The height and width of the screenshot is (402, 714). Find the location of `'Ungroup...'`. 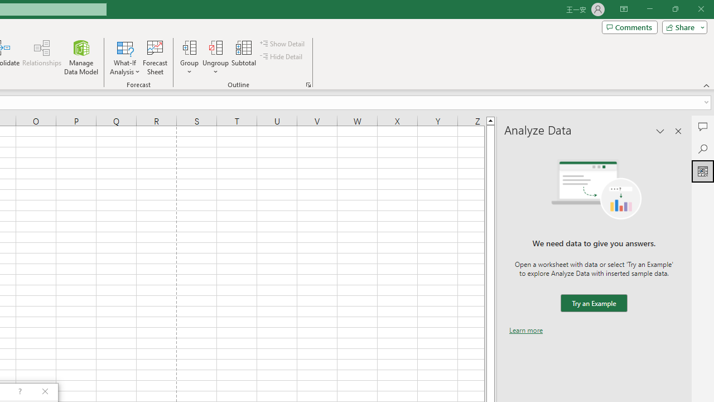

'Ungroup...' is located at coordinates (216, 47).